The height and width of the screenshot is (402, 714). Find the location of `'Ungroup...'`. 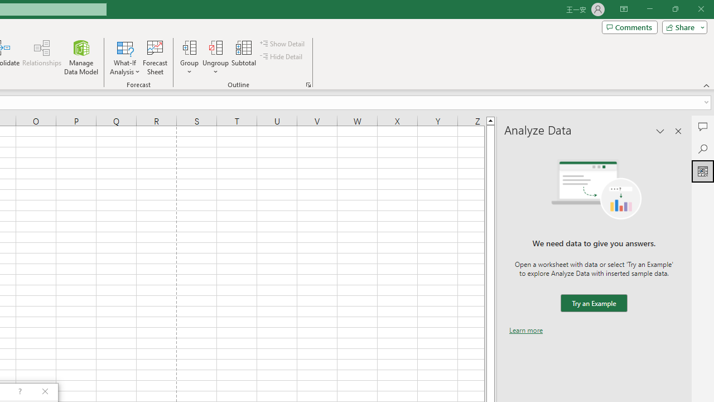

'Ungroup...' is located at coordinates (216, 47).